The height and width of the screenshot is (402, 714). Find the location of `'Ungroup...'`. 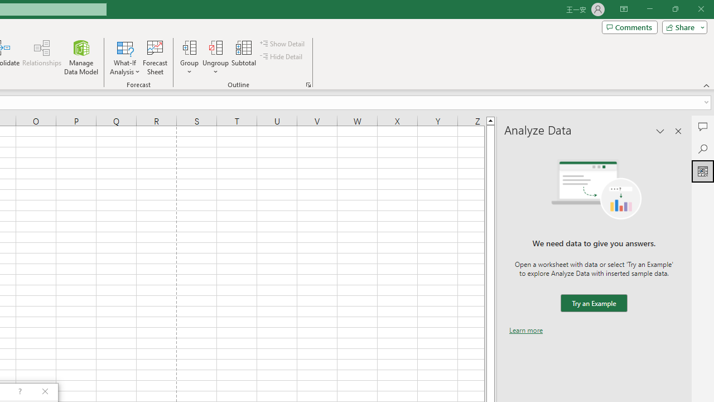

'Ungroup...' is located at coordinates (216, 47).